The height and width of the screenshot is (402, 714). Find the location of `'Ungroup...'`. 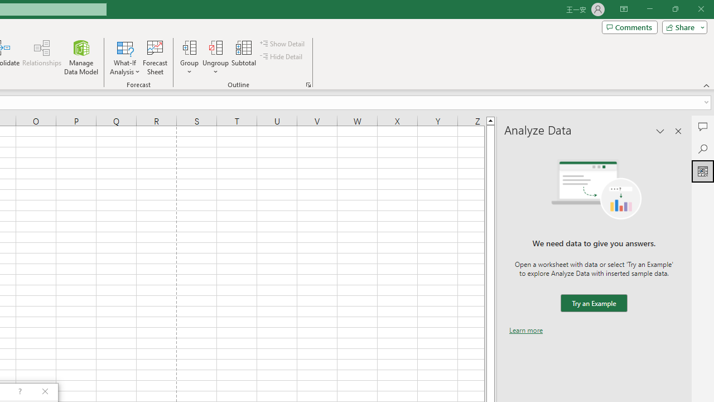

'Ungroup...' is located at coordinates (216, 47).